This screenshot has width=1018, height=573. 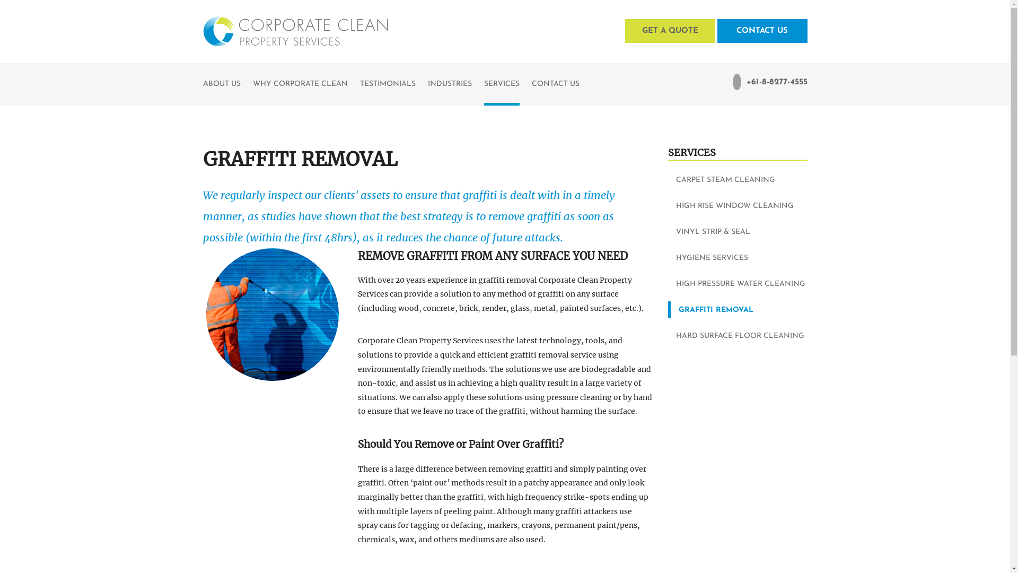 I want to click on 'CARPET STEAM CLEANING', so click(x=737, y=179).